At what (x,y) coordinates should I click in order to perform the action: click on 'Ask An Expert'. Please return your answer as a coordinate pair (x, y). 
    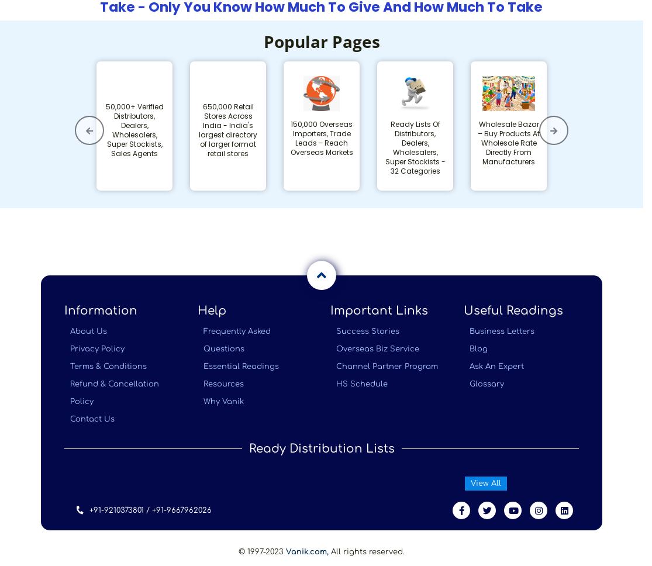
    Looking at the image, I should click on (495, 365).